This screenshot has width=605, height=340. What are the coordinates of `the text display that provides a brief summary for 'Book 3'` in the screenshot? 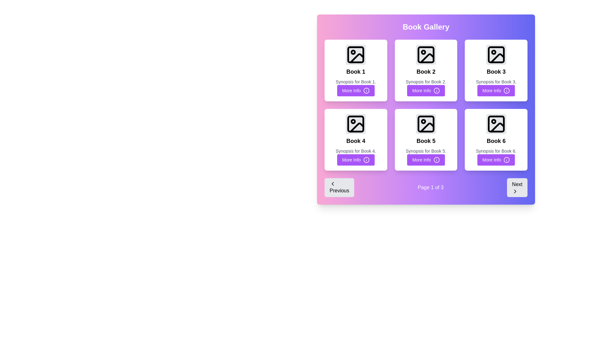 It's located at (496, 81).